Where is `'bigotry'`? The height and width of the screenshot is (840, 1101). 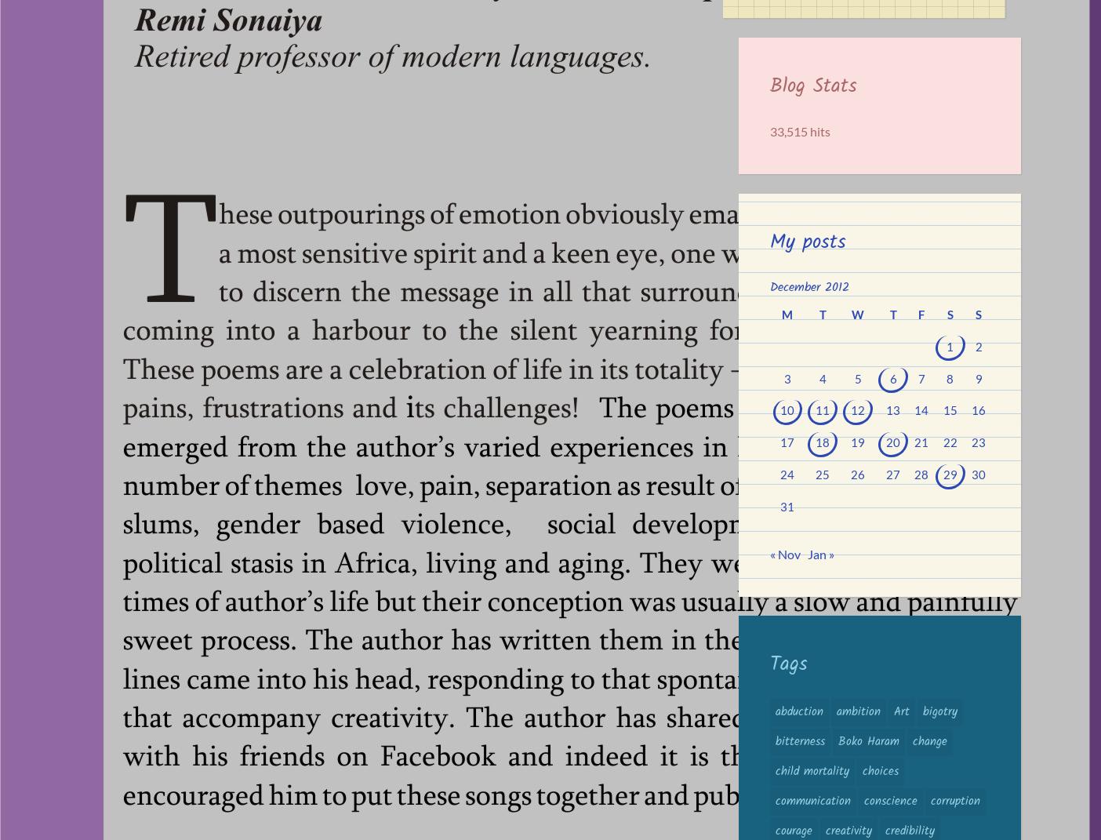 'bigotry' is located at coordinates (939, 711).